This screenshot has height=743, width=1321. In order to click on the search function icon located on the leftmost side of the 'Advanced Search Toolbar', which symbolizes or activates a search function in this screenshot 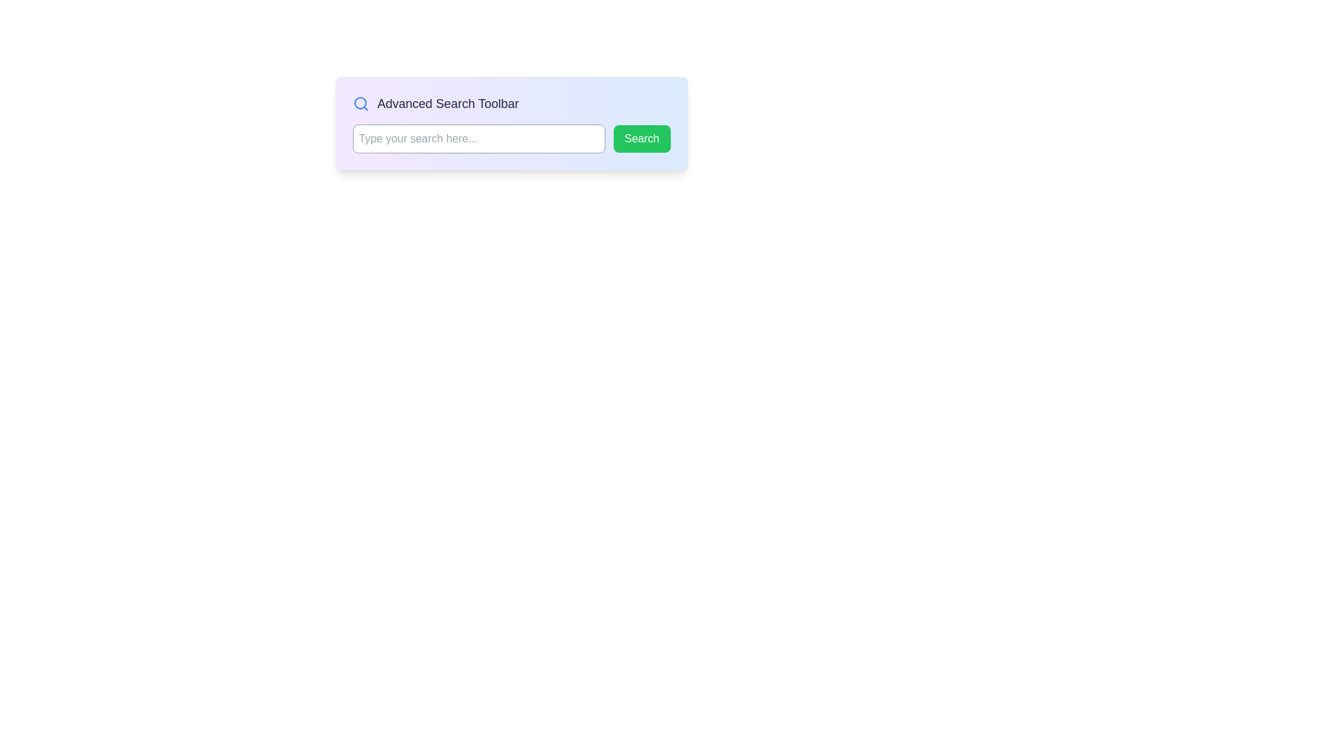, I will do `click(361, 103)`.